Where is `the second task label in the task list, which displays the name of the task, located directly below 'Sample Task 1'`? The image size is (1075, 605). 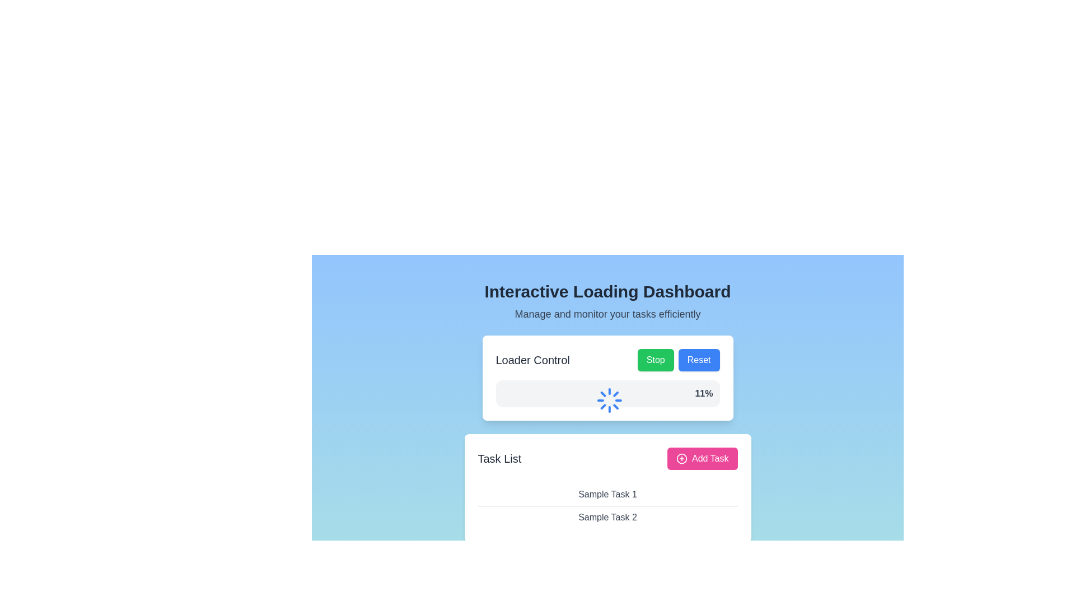 the second task label in the task list, which displays the name of the task, located directly below 'Sample Task 1' is located at coordinates (607, 517).